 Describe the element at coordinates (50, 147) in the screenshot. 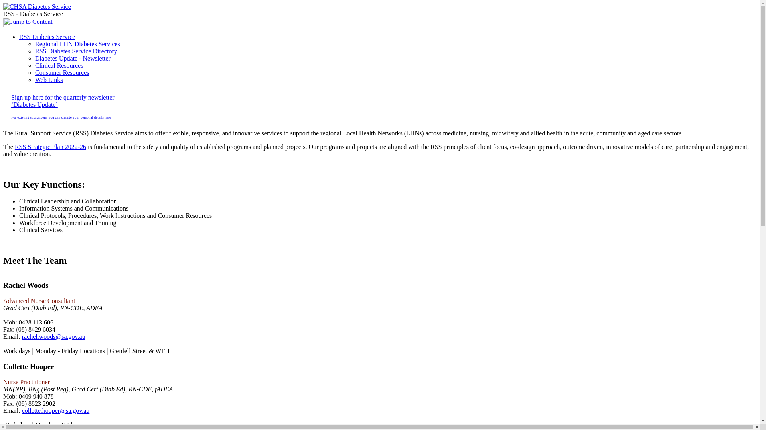

I see `'RSS Strategic Plan 2022-26'` at that location.